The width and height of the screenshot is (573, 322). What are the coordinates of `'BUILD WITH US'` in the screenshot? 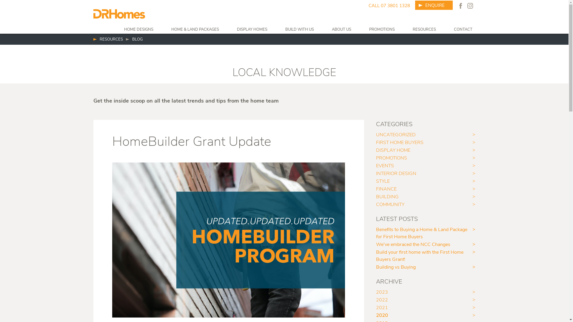 It's located at (299, 30).